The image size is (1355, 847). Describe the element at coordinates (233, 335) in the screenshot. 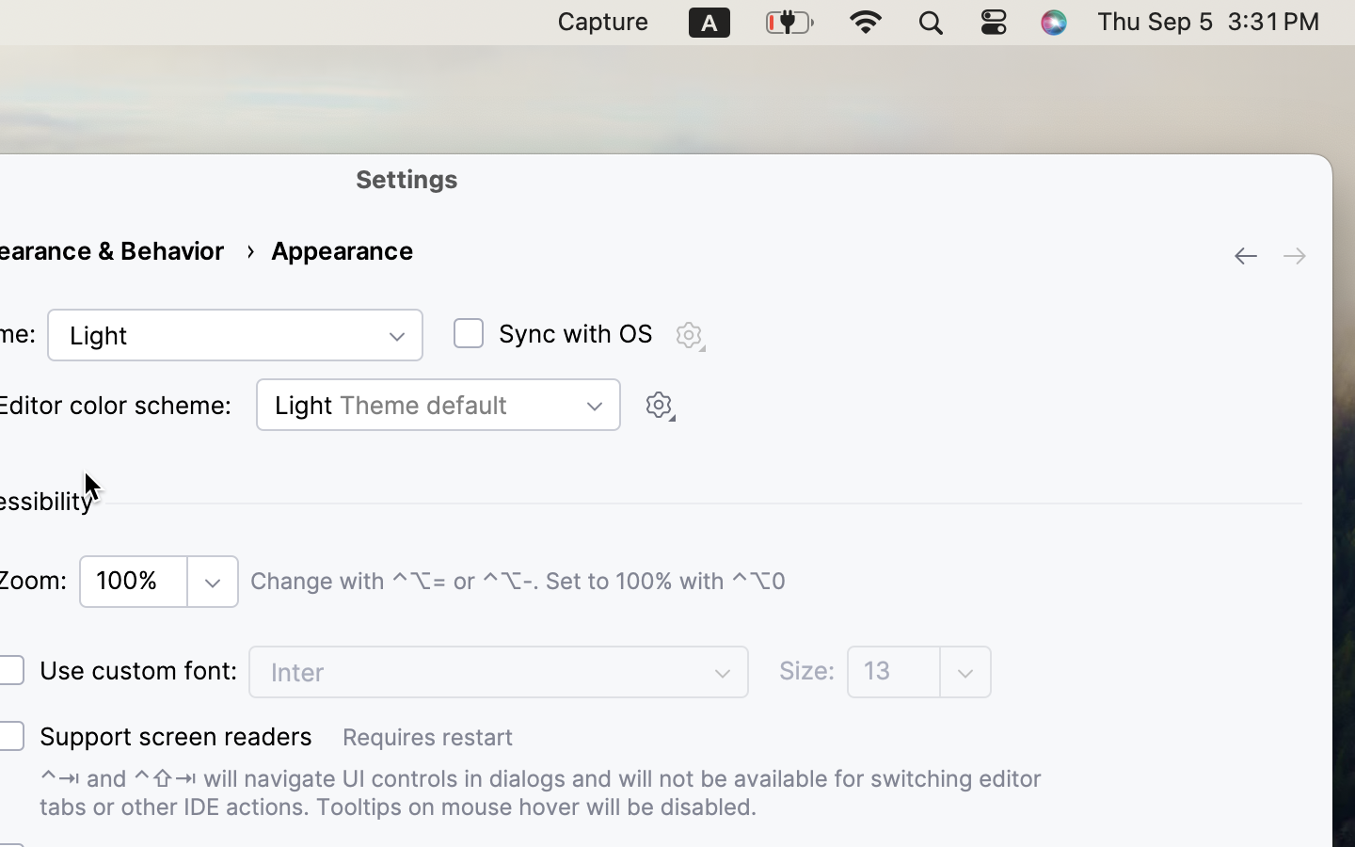

I see `'LafReference(name=Light, themeId=ExperimentalLight)'` at that location.